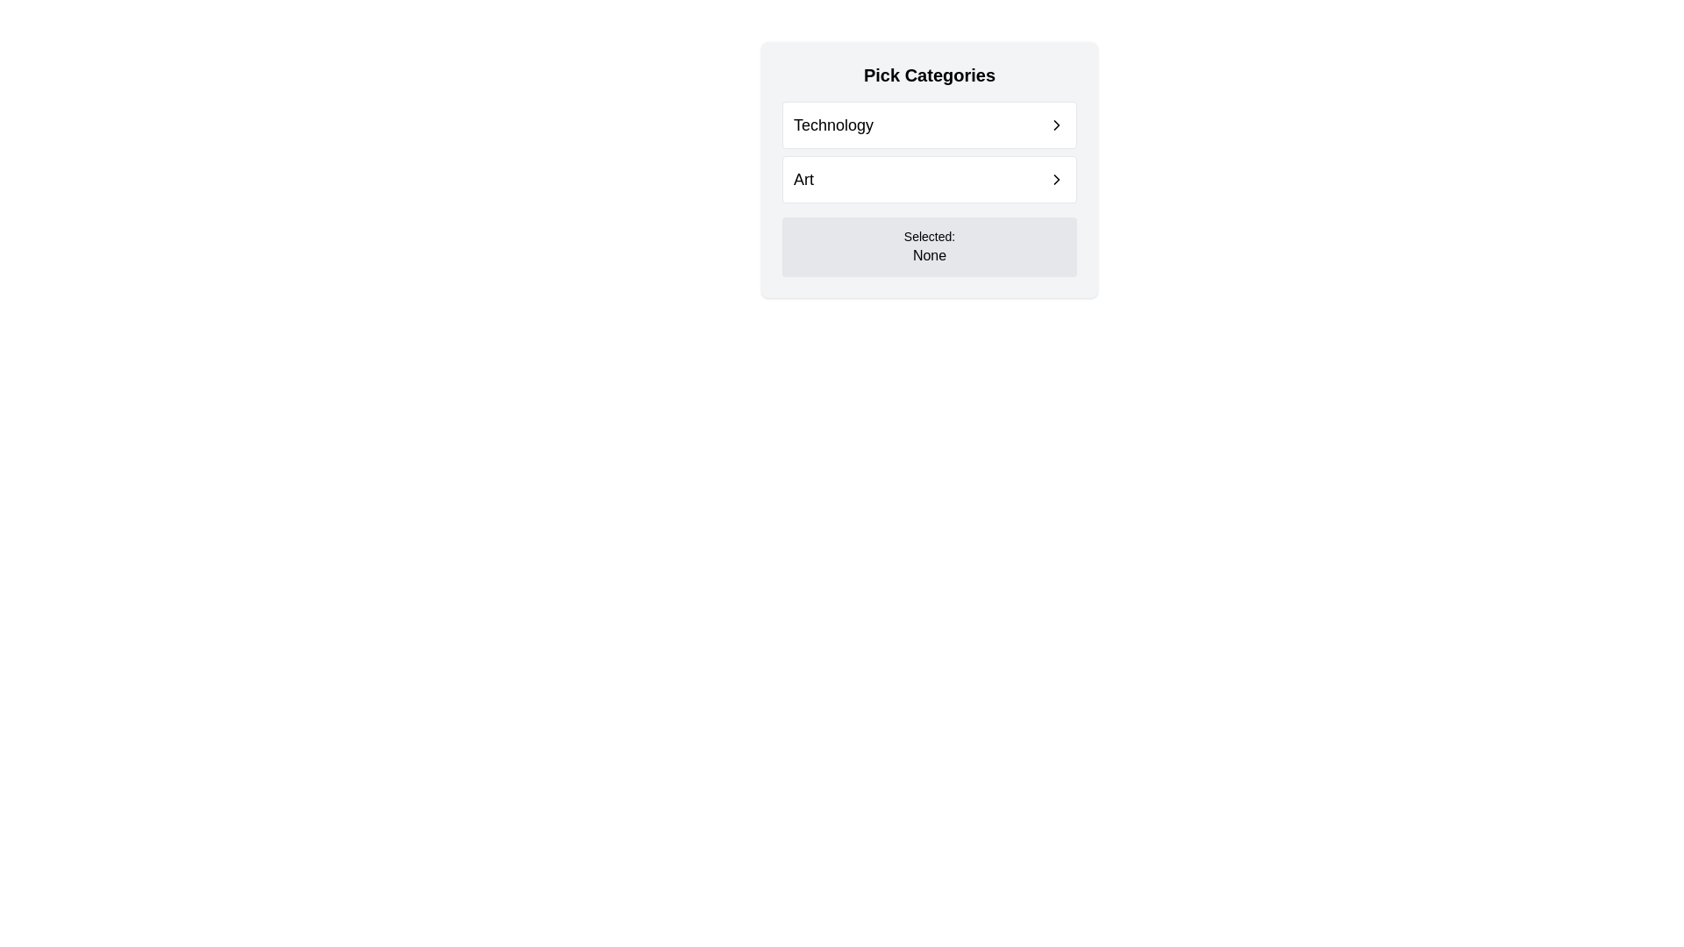  I want to click on text label displaying the word 'Art', which is located in the second row under the 'Pick Categories' header and is styled in bold font, so click(803, 179).